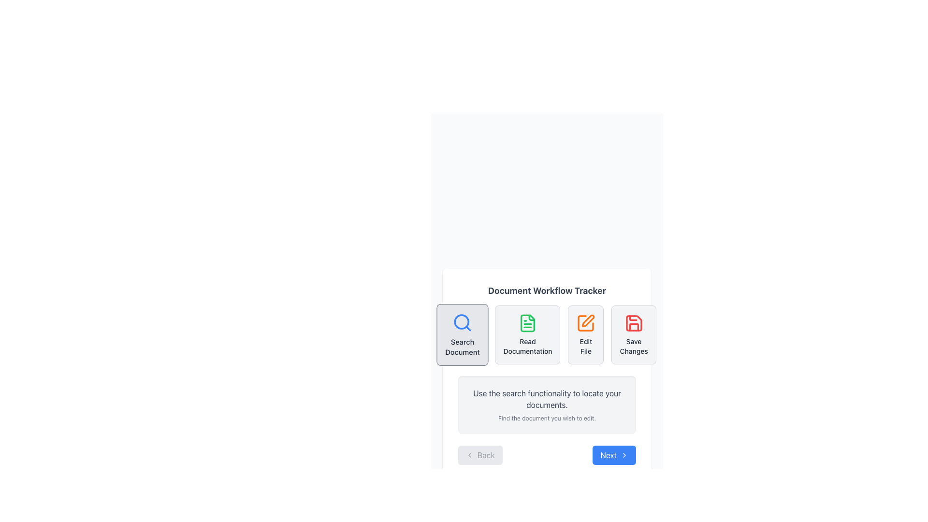  What do you see at coordinates (547, 405) in the screenshot?
I see `instructions displayed in the informational text block with a light gray background and rounded corners, containing the text 'Use the search functionality to locate your documents.' and 'Find the document you wish to edit.'` at bounding box center [547, 405].